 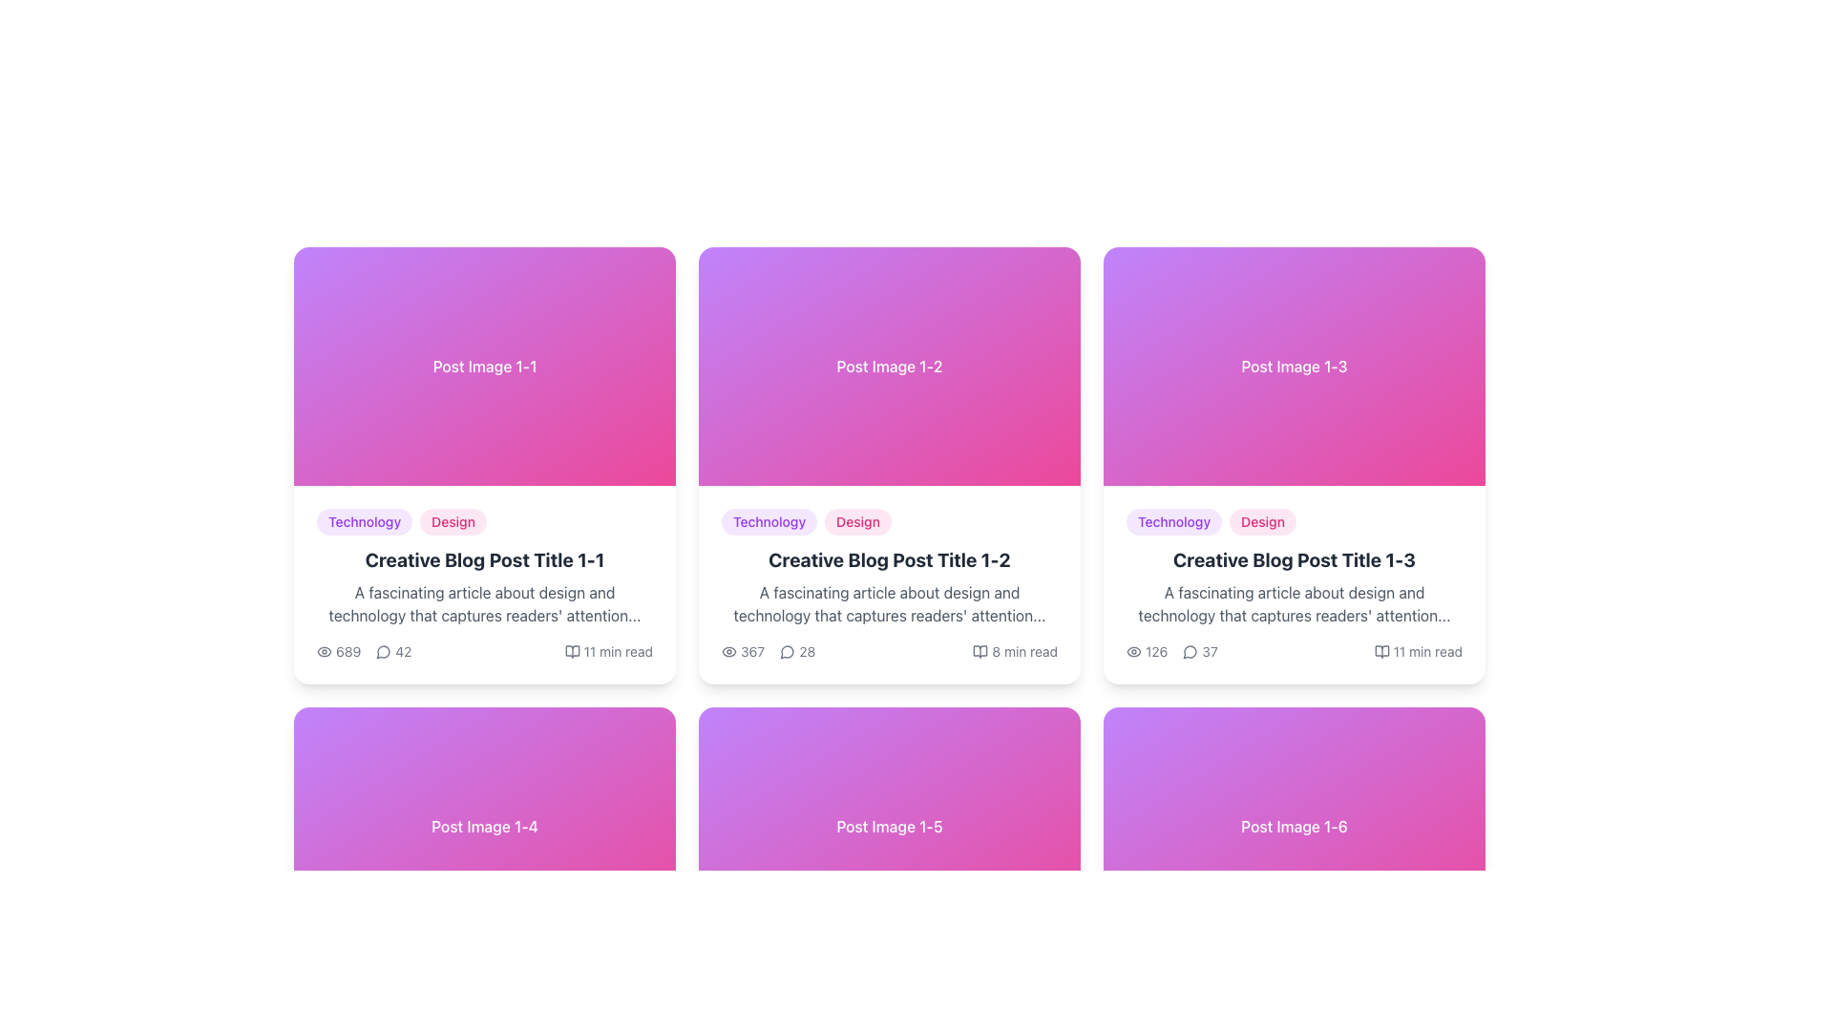 What do you see at coordinates (769, 650) in the screenshot?
I see `the composite UI component displaying interaction statistics, which includes an eye icon and a speech bubble icon with counts '367' and '28', located in the metadata section of the second blog post card` at bounding box center [769, 650].